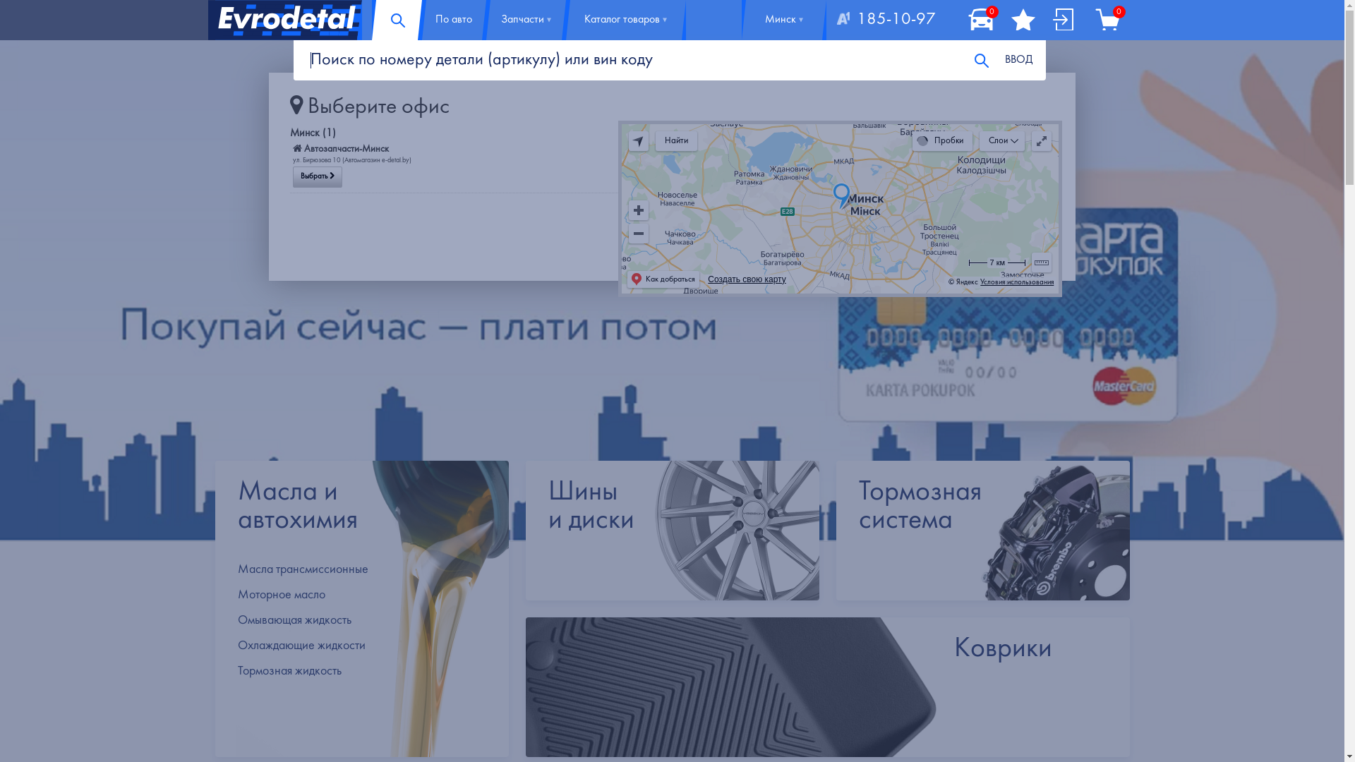  Describe the element at coordinates (884, 20) in the screenshot. I see `'185-10-97'` at that location.